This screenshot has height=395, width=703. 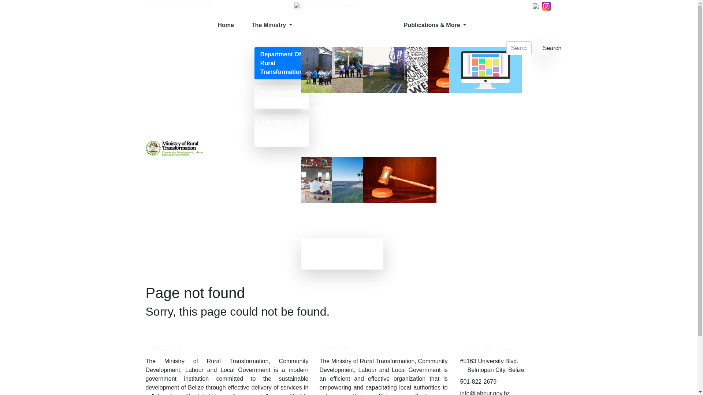 What do you see at coordinates (301, 79) in the screenshot?
I see `'Rural Development'` at bounding box center [301, 79].